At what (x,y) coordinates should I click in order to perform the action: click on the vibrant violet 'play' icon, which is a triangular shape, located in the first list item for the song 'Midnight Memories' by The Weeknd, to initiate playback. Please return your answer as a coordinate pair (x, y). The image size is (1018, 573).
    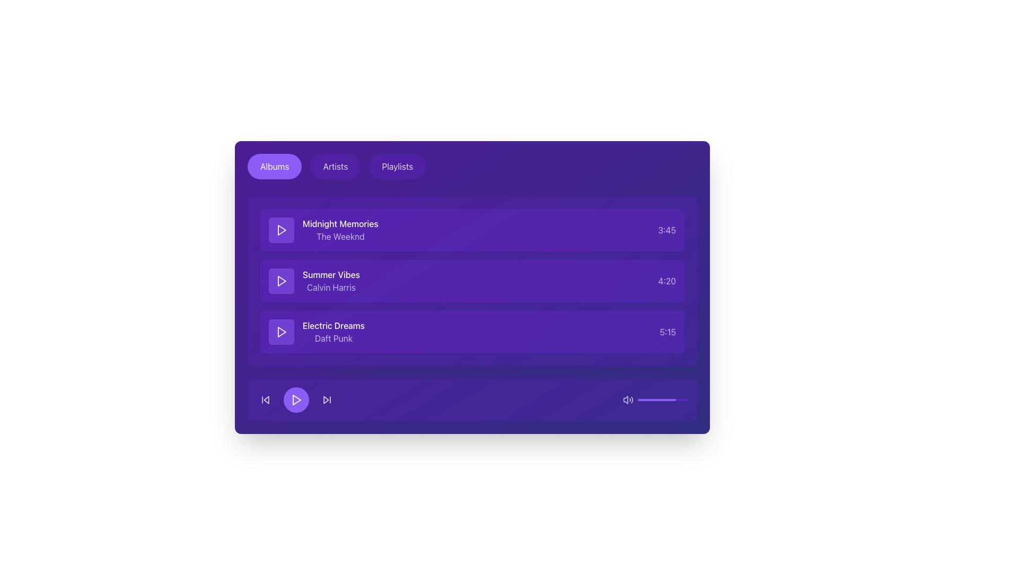
    Looking at the image, I should click on (282, 230).